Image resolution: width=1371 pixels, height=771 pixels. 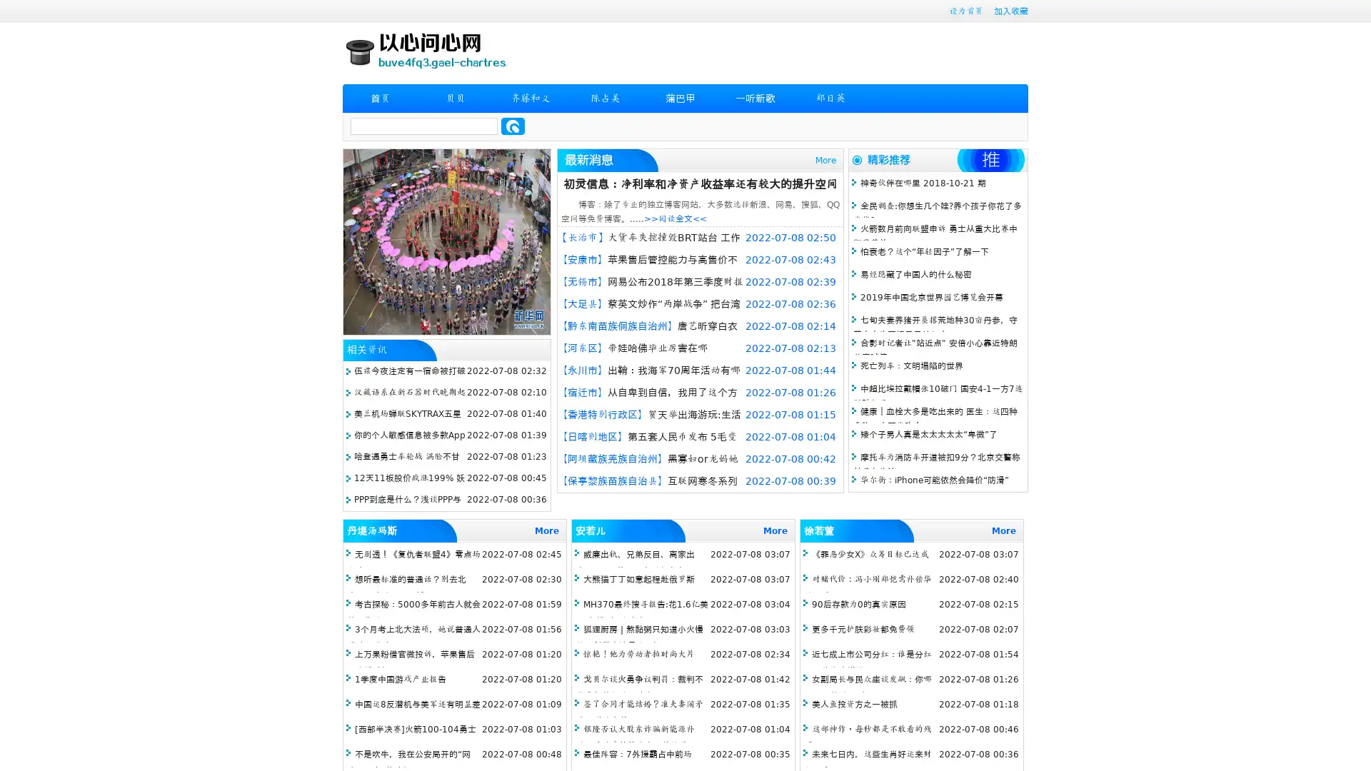 What do you see at coordinates (513, 126) in the screenshot?
I see `Search` at bounding box center [513, 126].